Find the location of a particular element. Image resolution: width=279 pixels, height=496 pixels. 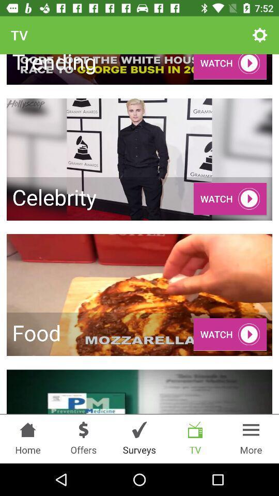

icon above surveys is located at coordinates (139, 430).